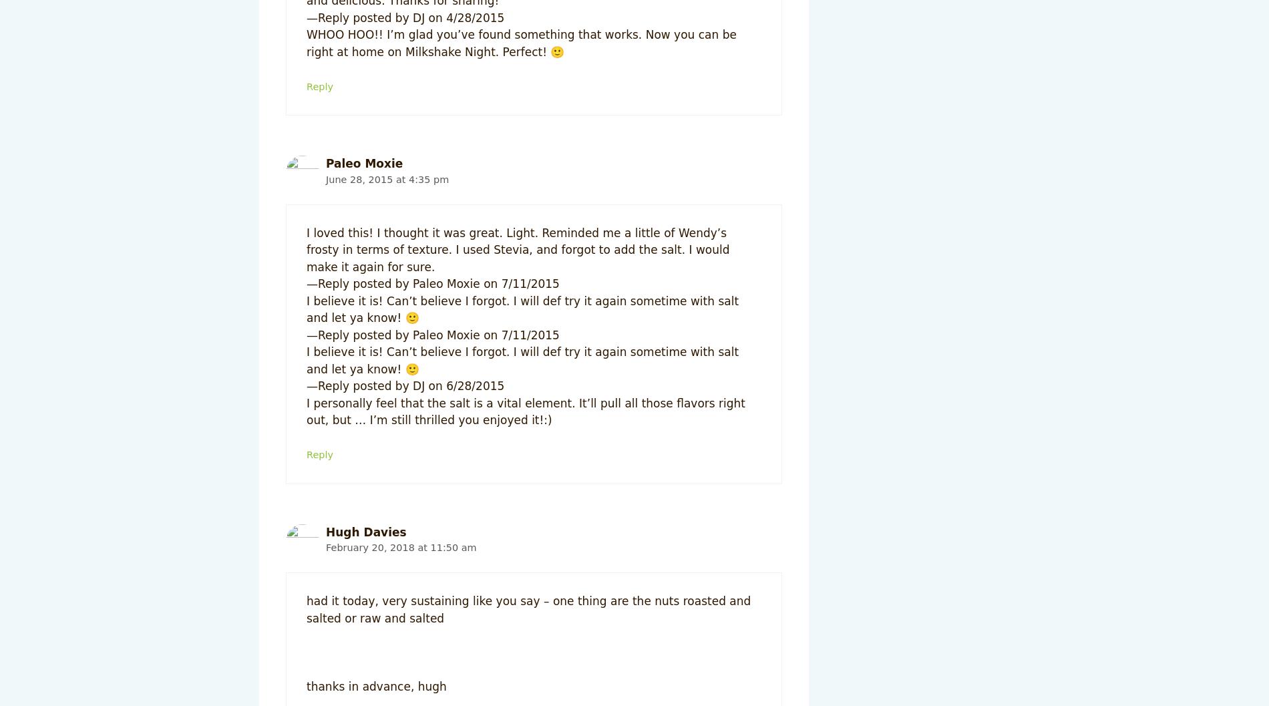  Describe the element at coordinates (376, 685) in the screenshot. I see `'thanks in advance, hugh'` at that location.